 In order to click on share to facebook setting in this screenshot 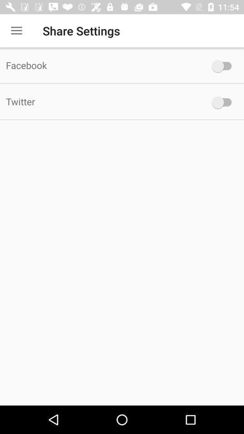, I will do `click(223, 66)`.